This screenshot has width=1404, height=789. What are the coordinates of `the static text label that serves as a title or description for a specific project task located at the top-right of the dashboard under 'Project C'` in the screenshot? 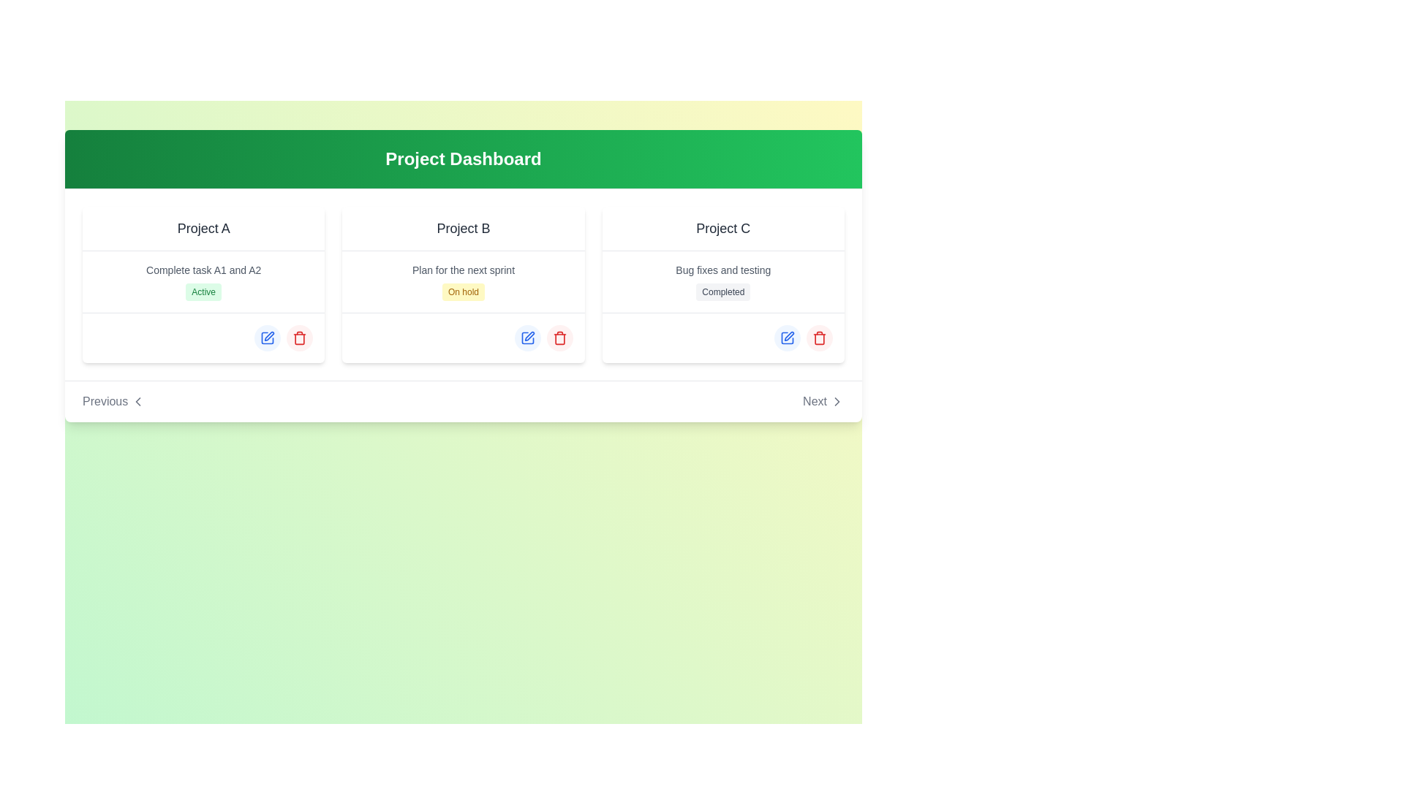 It's located at (723, 270).